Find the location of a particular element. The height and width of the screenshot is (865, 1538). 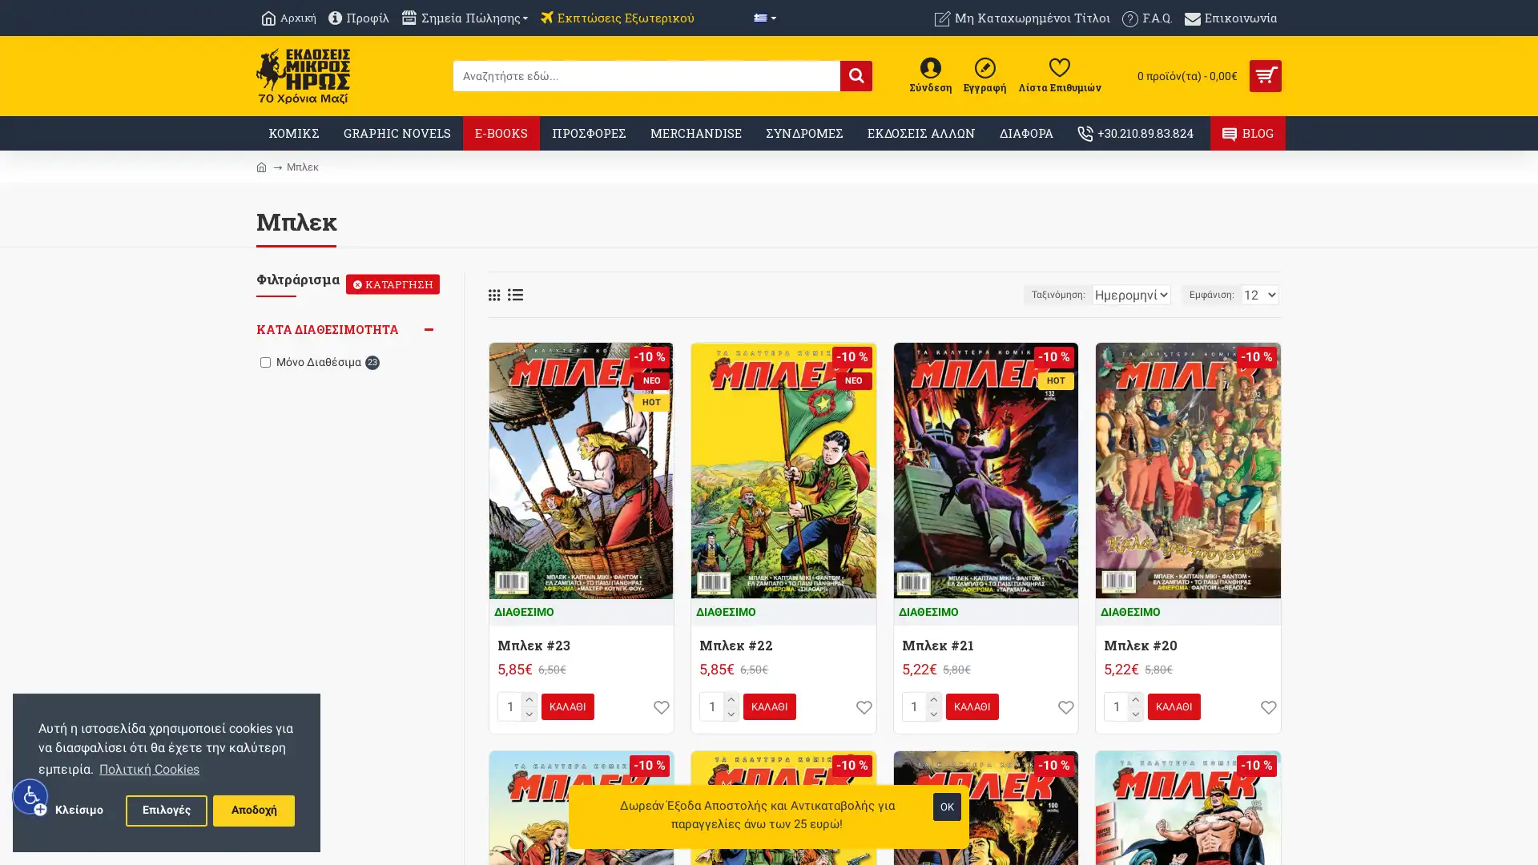

OK is located at coordinates (947, 807).